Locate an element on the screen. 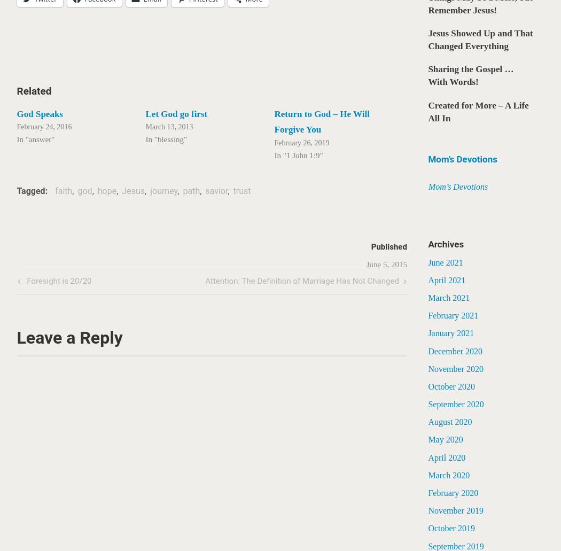 The width and height of the screenshot is (561, 551). 'June 2021' is located at coordinates (445, 262).